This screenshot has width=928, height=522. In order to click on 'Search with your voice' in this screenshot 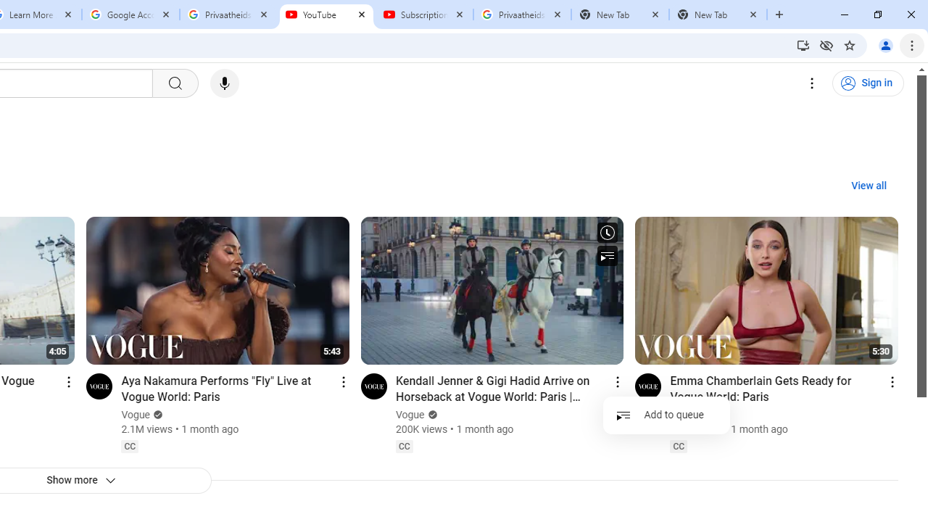, I will do `click(223, 83)`.